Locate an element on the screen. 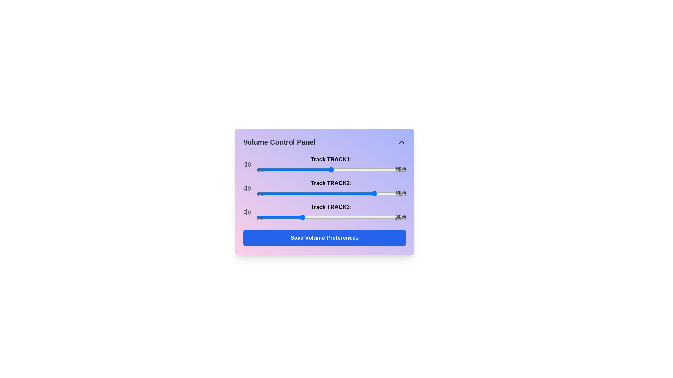 This screenshot has height=378, width=673. the minimum value indicator label for the slider control 'Track TRACK3', which is positioned to the left of the slider and indicates its adjustable values is located at coordinates (259, 218).